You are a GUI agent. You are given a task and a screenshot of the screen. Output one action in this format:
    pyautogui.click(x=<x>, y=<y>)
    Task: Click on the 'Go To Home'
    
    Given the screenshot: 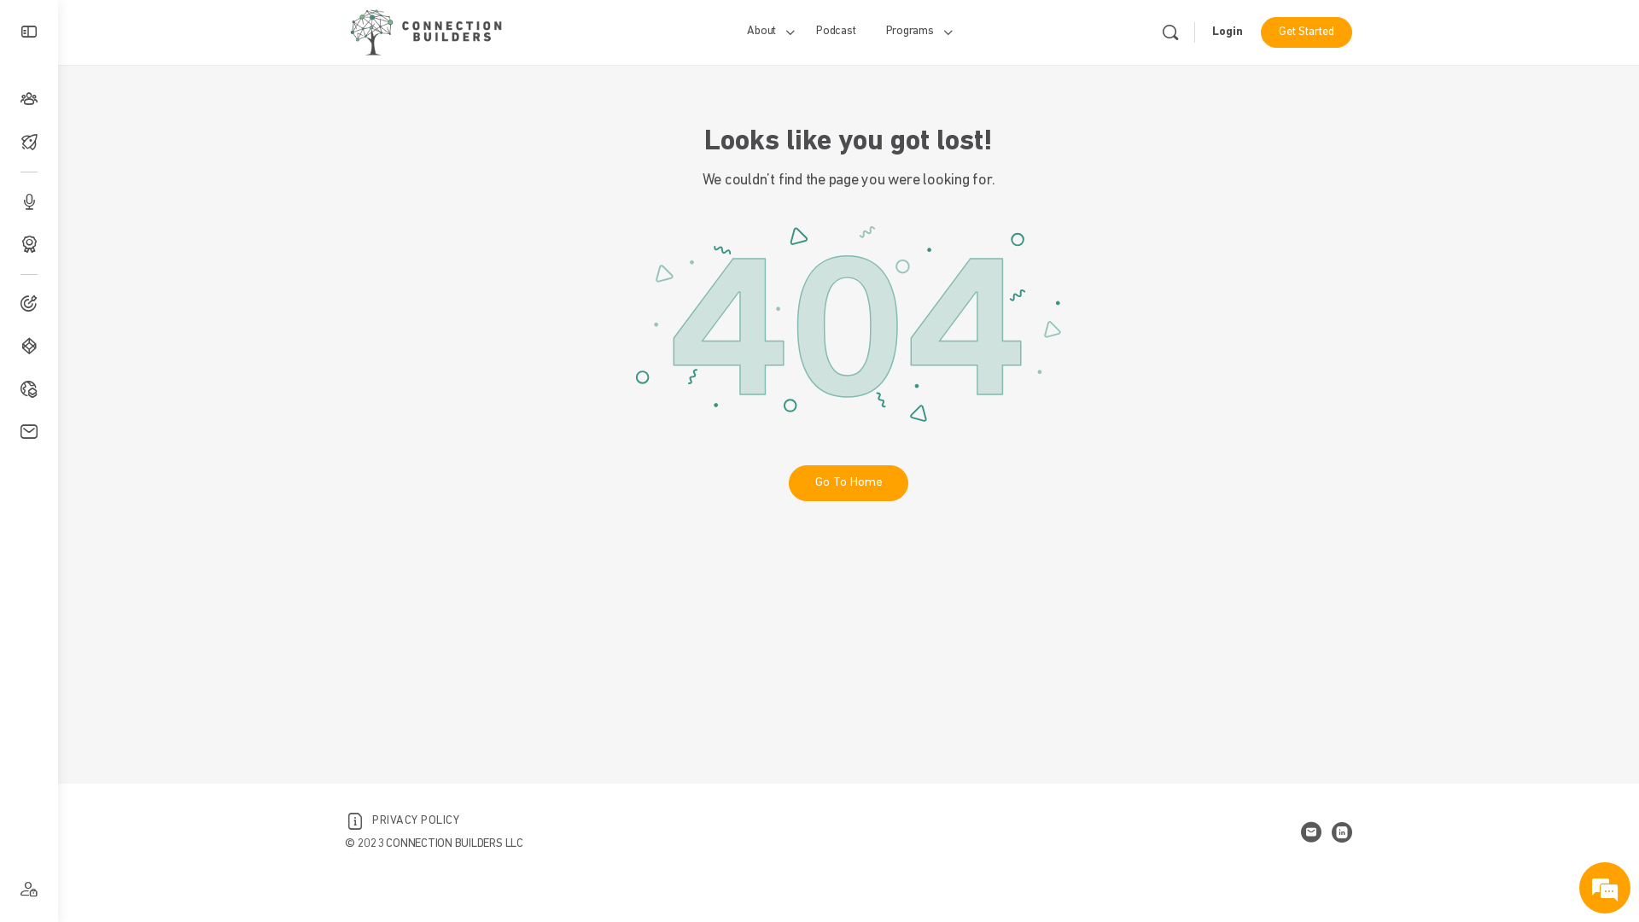 What is the action you would take?
    pyautogui.click(x=848, y=483)
    